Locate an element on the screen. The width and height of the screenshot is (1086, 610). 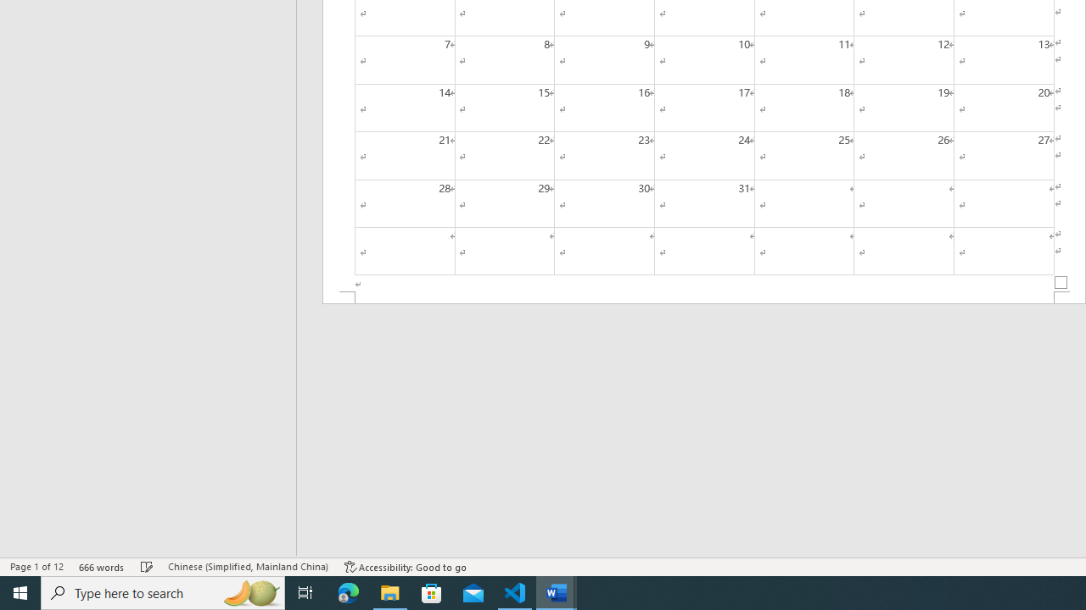
'Language Chinese (Simplified, Mainland China)' is located at coordinates (247, 567).